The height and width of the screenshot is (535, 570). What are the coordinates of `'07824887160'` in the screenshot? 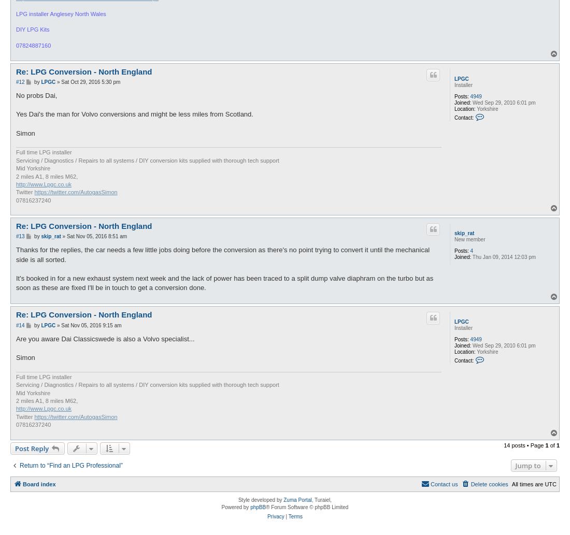 It's located at (33, 46).